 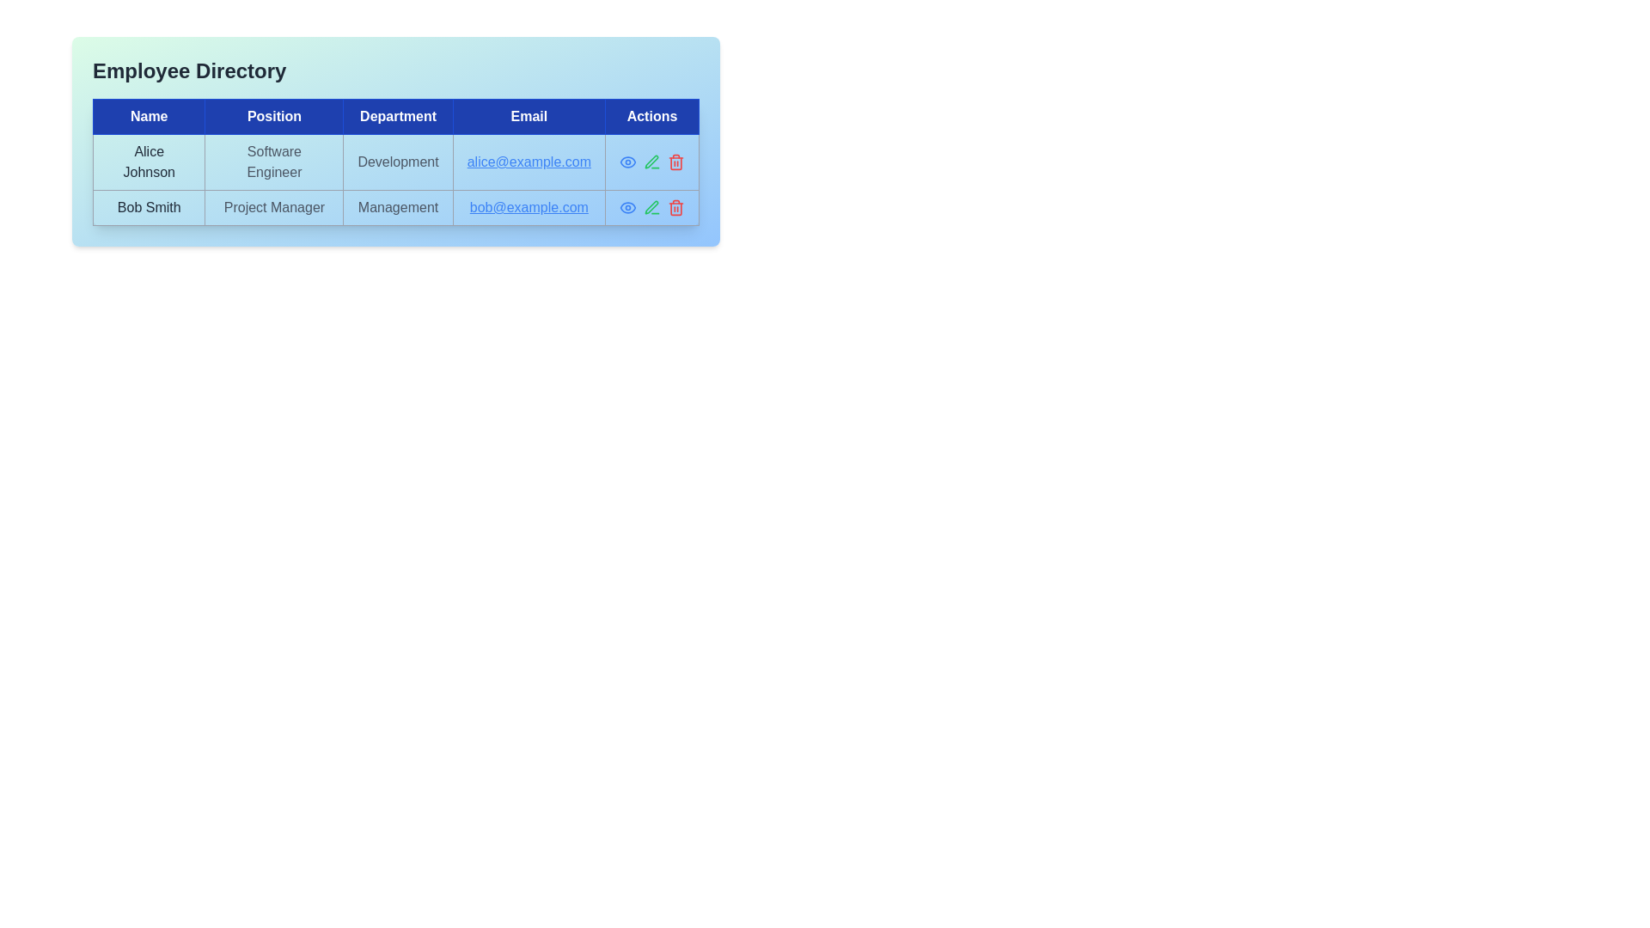 I want to click on the icon in the 'Actions' column of the second row of the table, so click(x=626, y=162).